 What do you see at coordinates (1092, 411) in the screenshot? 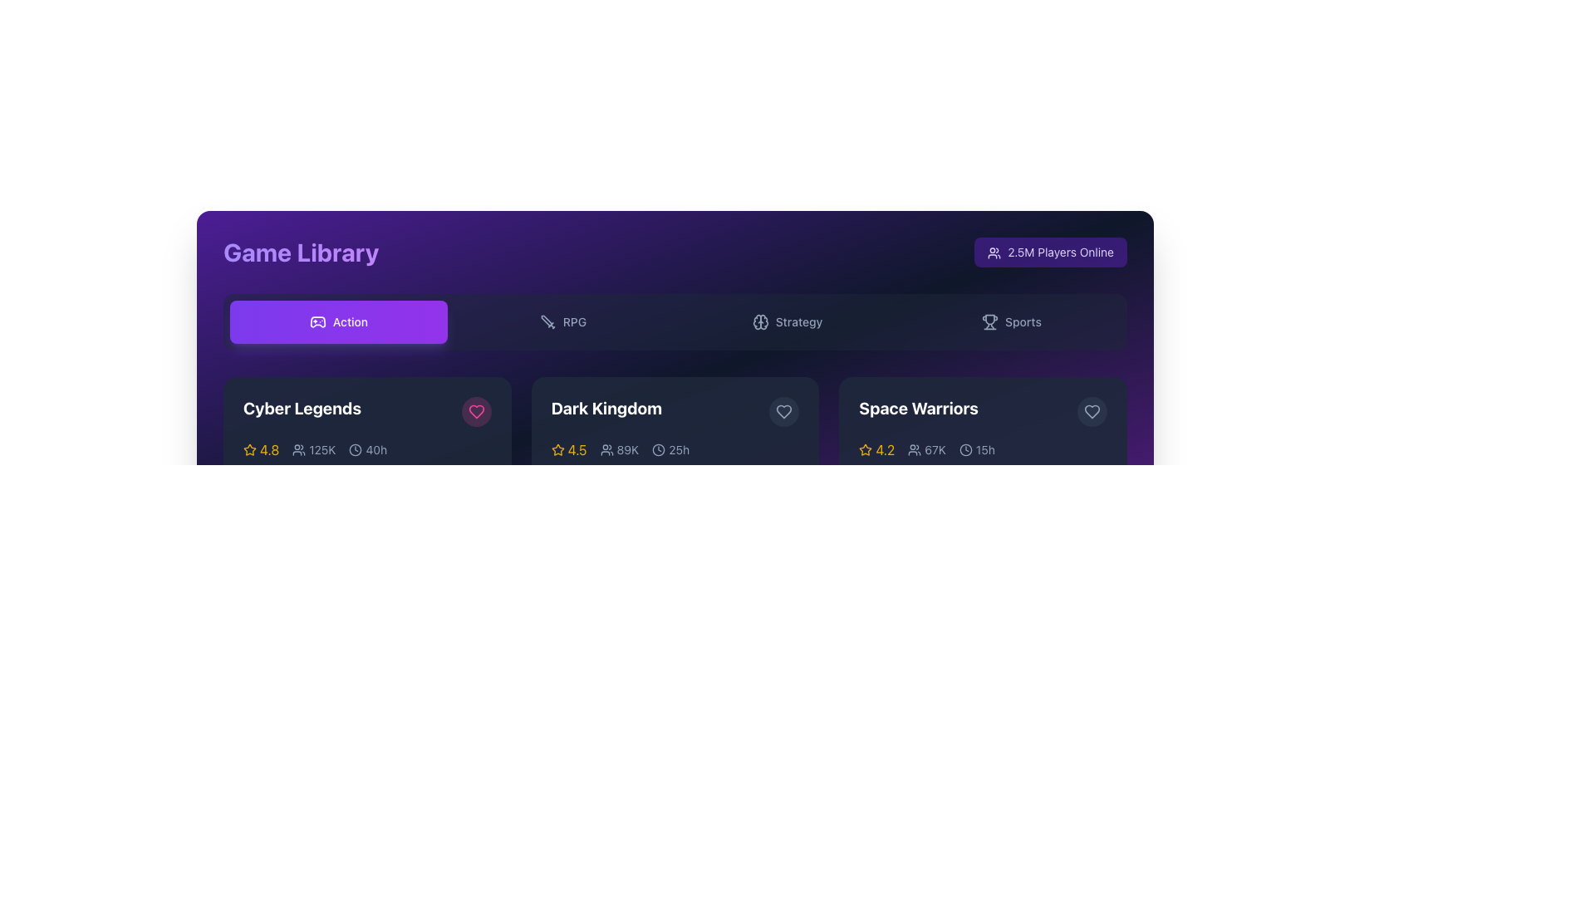
I see `and drop the 'favorite' icon located at the top right corner of the 'Space Warriors' card` at bounding box center [1092, 411].